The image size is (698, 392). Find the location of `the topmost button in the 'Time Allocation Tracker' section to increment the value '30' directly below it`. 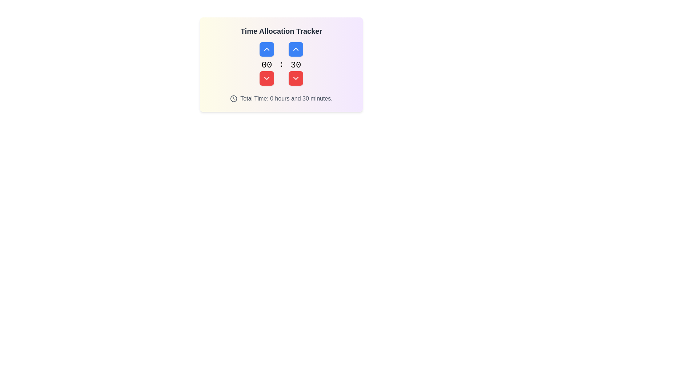

the topmost button in the 'Time Allocation Tracker' section to increment the value '30' directly below it is located at coordinates (296, 49).